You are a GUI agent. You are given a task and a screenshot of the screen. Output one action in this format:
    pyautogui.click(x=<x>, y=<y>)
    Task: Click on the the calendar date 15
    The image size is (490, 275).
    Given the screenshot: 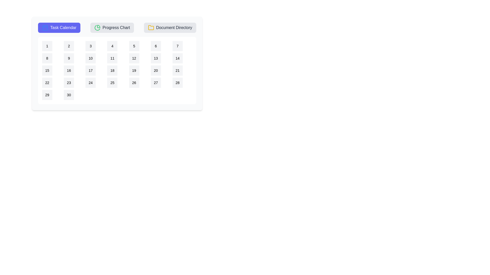 What is the action you would take?
    pyautogui.click(x=47, y=71)
    